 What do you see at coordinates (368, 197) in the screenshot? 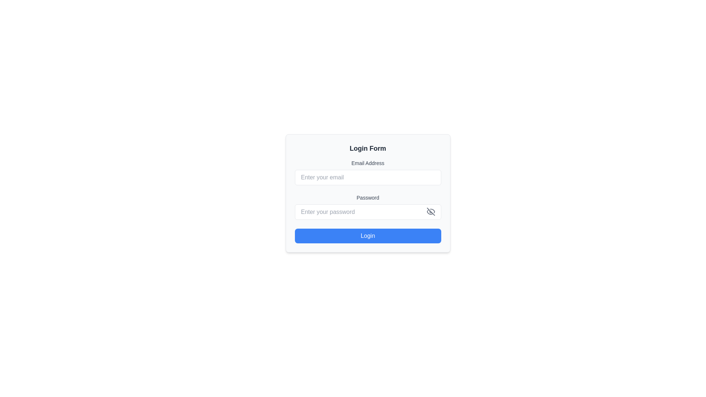
I see `the label that indicates the password input field, which is positioned directly above the password input in the login form` at bounding box center [368, 197].